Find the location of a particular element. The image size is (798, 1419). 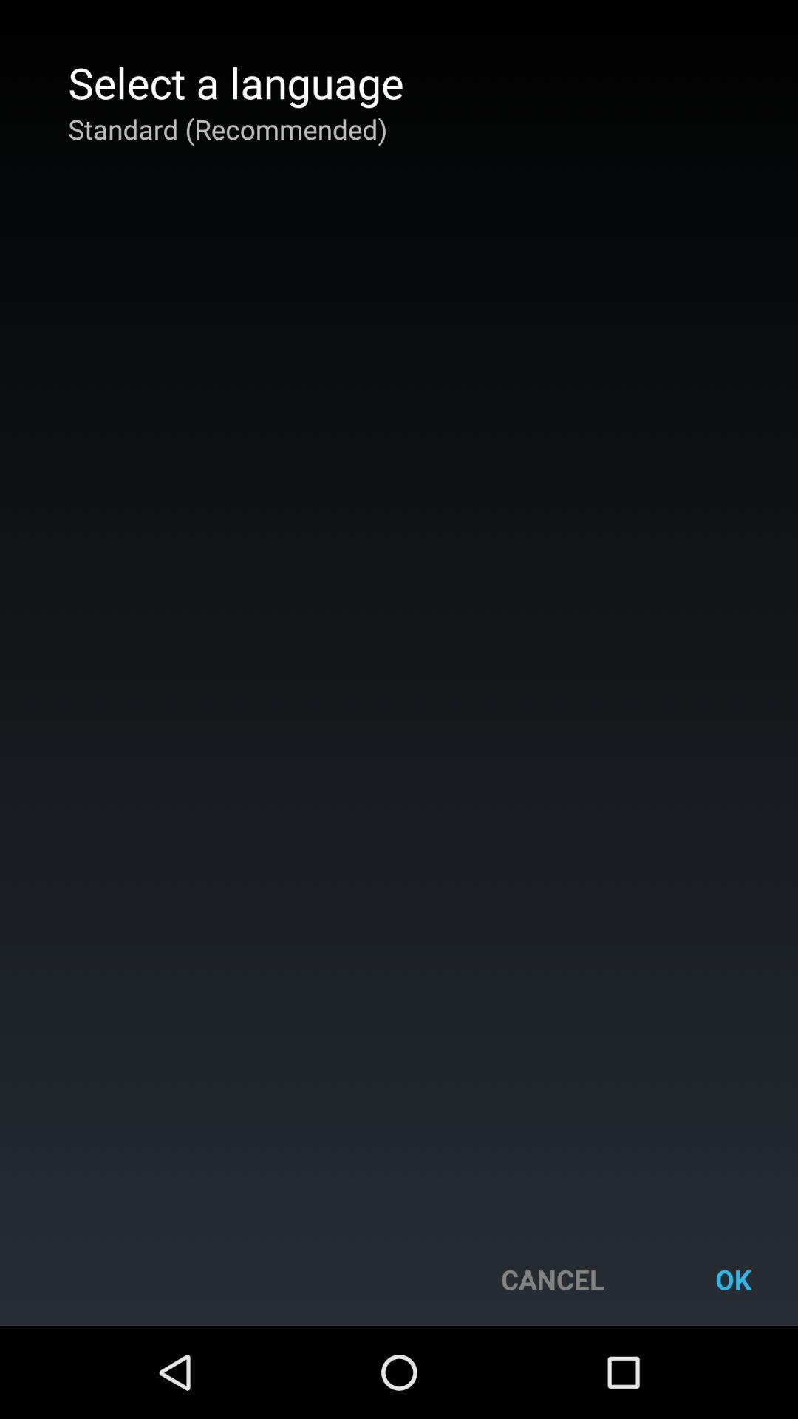

standard (recommended) app is located at coordinates (228, 129).